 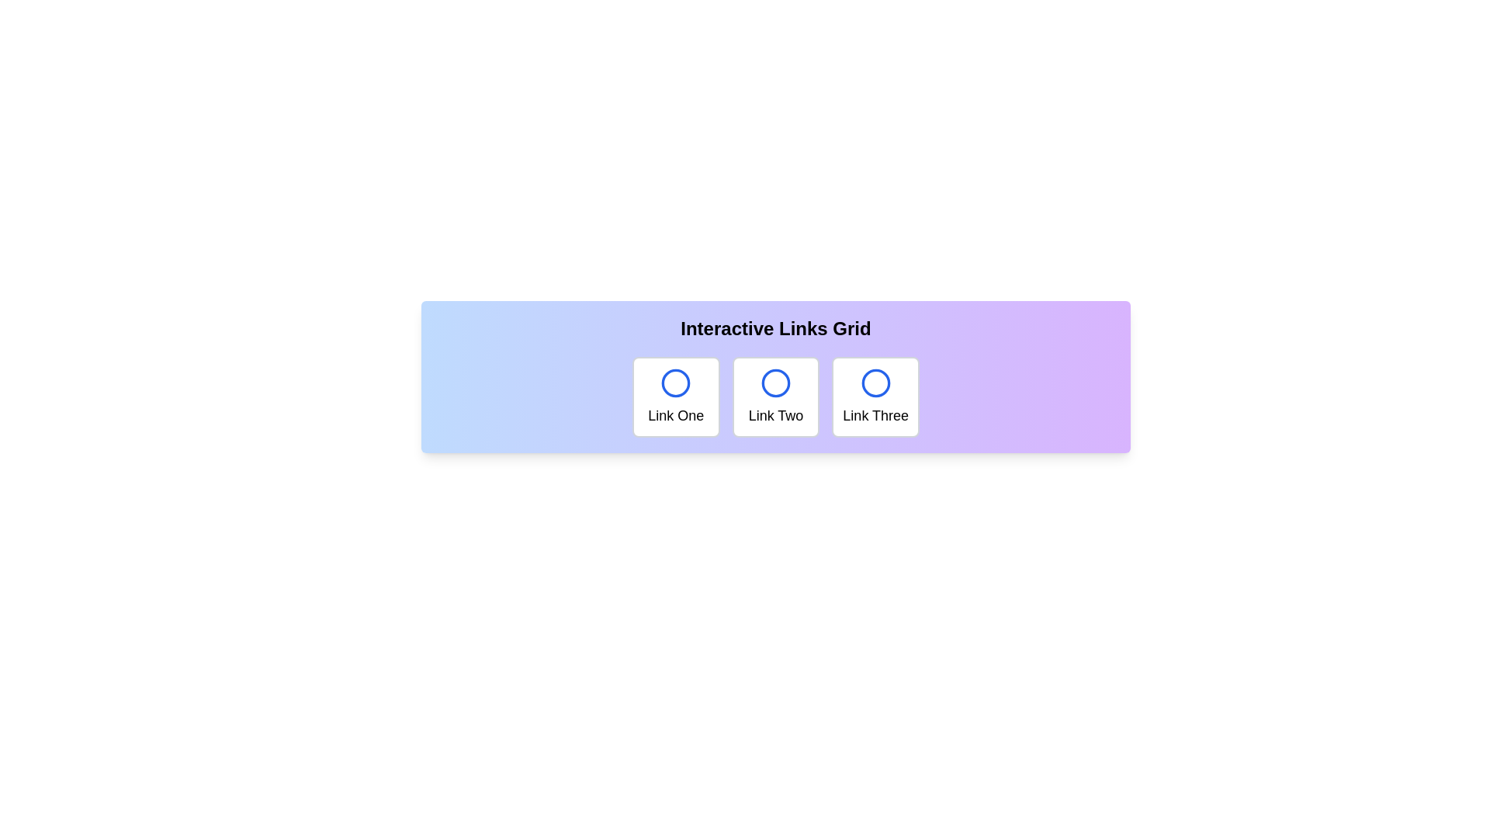 I want to click on the first button labeled 'Link One' which features a blue circular icon above the text, located on the left side of the row, so click(x=676, y=396).